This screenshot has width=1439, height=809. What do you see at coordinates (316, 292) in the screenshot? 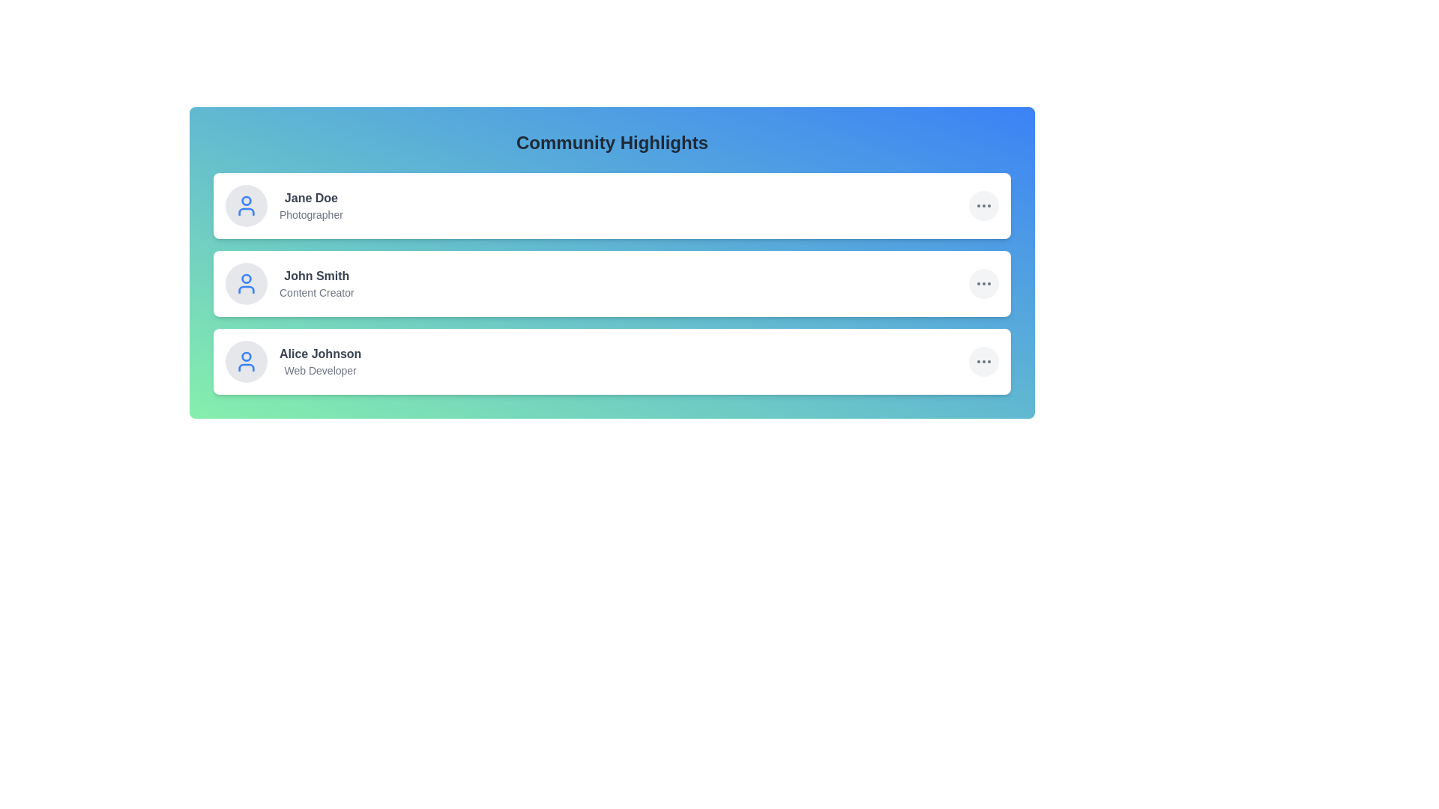
I see `the informational text label located below 'John Smith' in the 'Community Highlights' section` at bounding box center [316, 292].